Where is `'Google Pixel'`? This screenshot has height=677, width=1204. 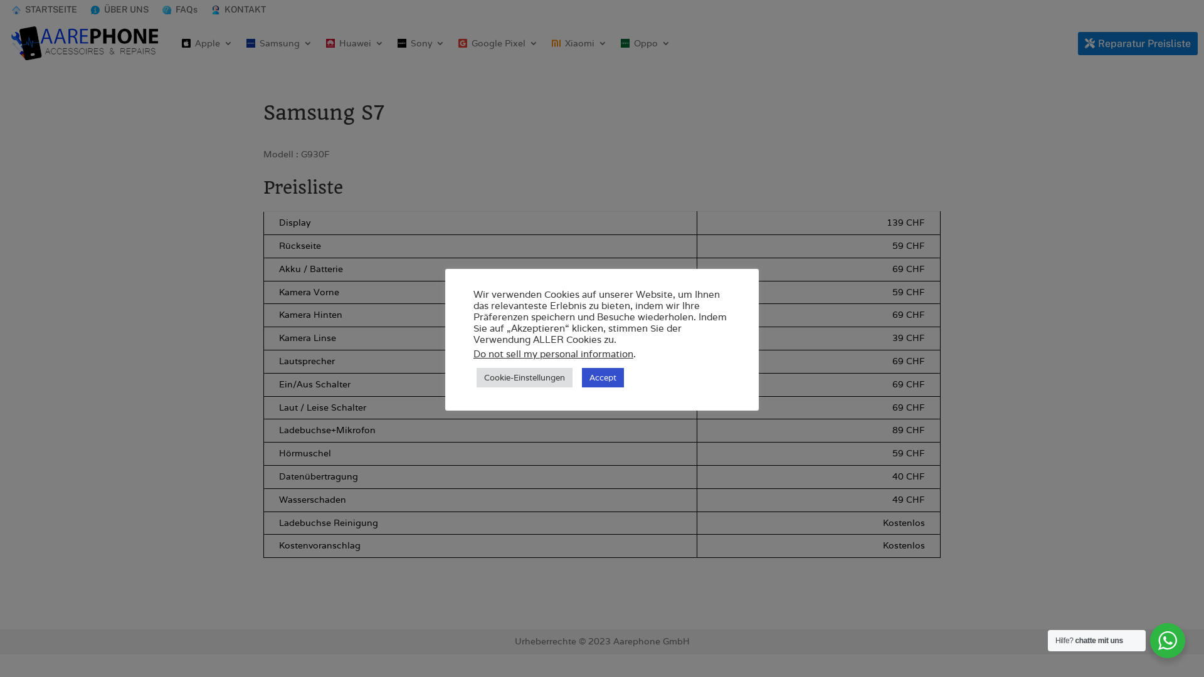
'Google Pixel' is located at coordinates (497, 43).